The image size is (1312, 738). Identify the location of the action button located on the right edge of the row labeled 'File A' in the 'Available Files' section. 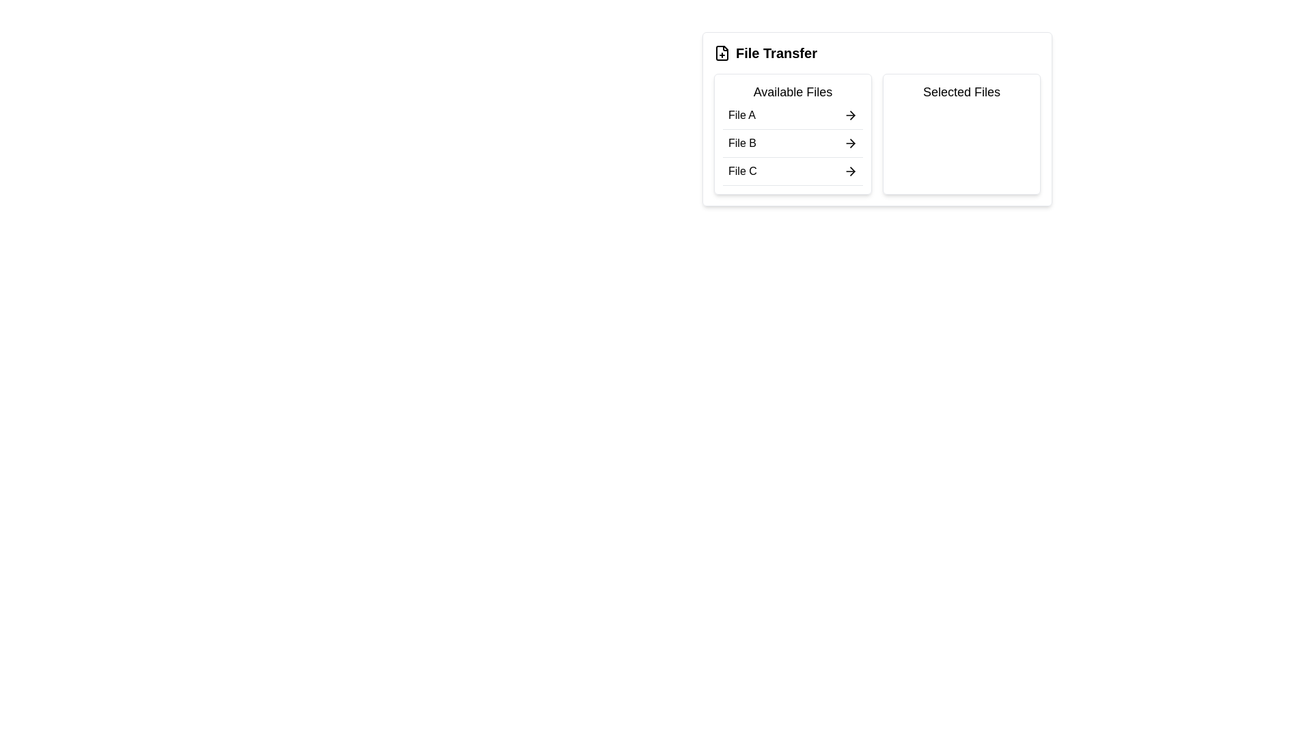
(849, 115).